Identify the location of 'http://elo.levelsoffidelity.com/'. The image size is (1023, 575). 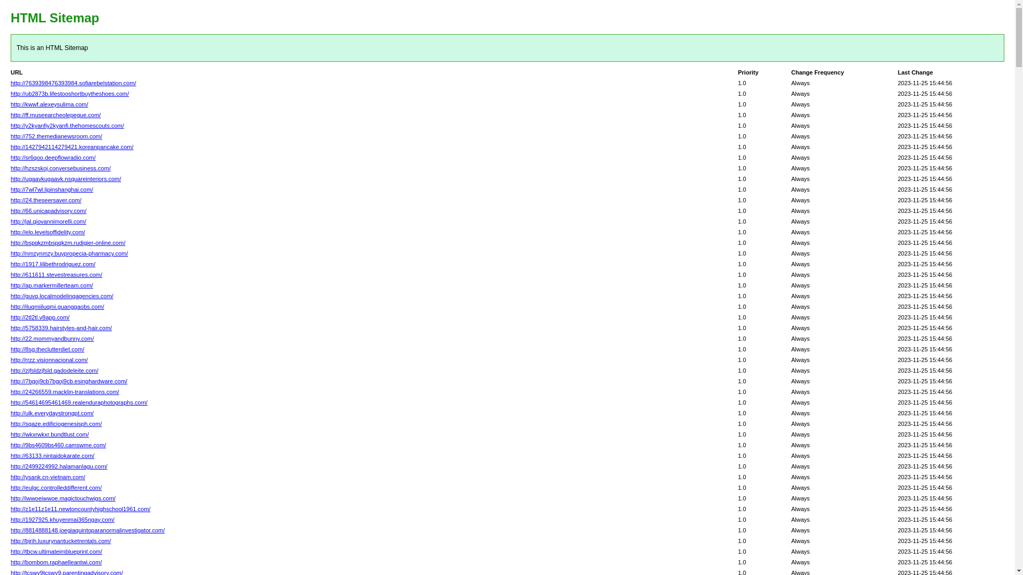
(47, 231).